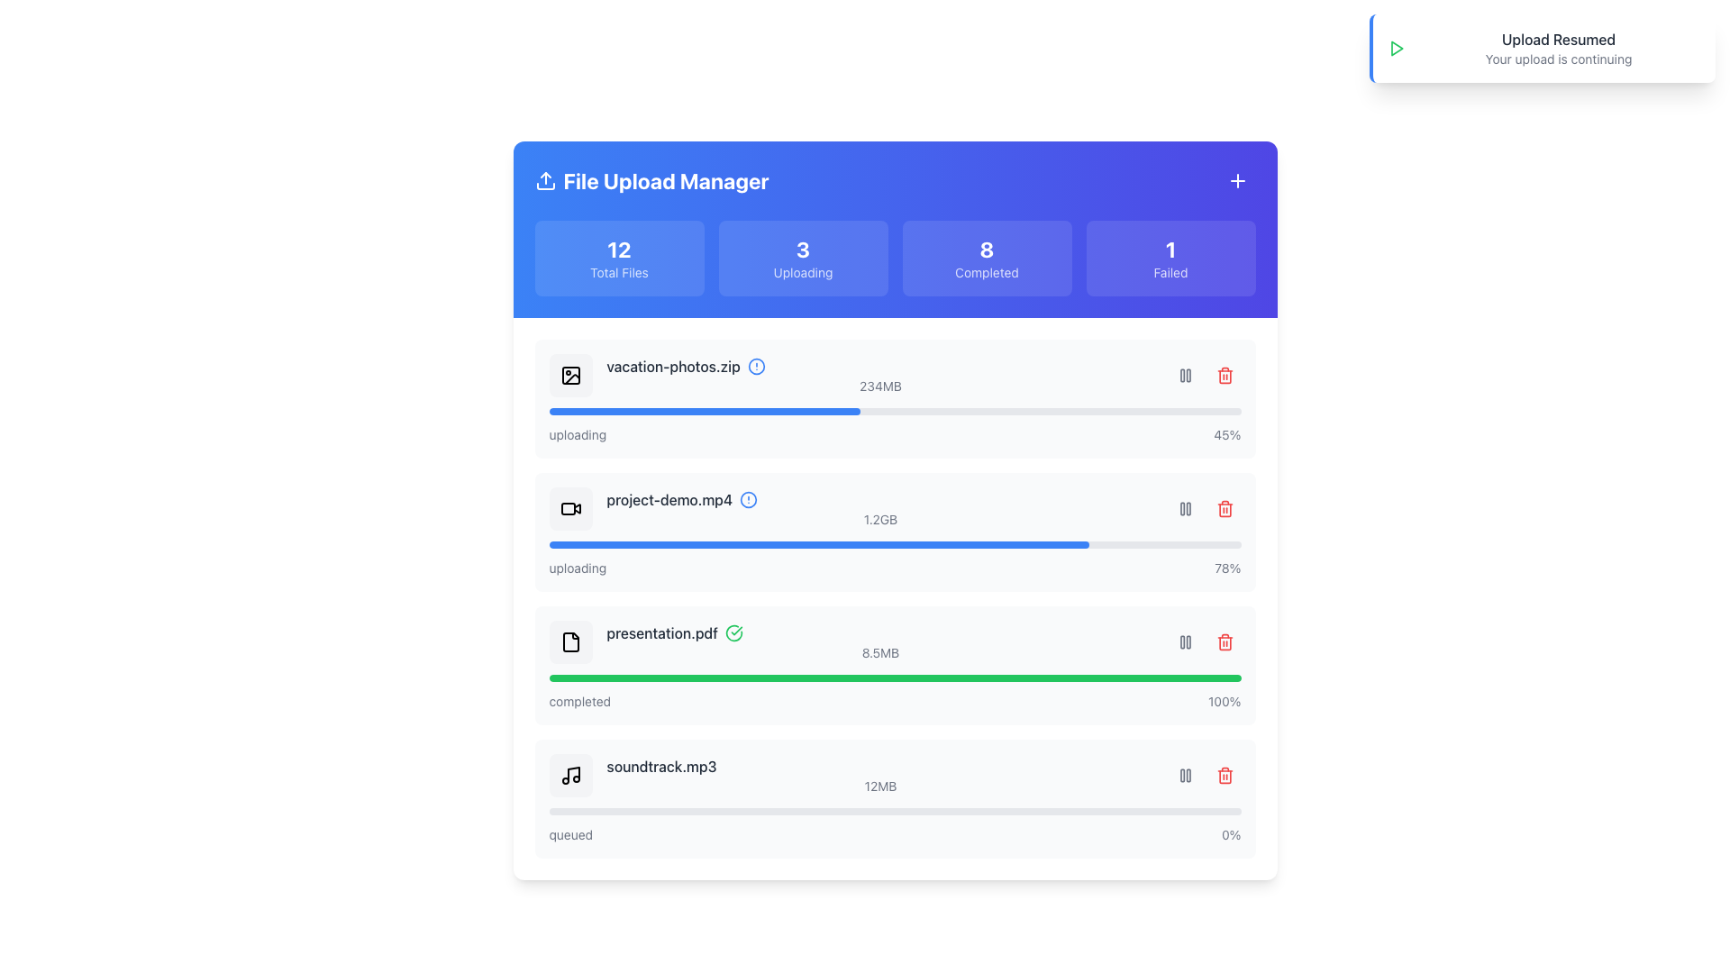 The height and width of the screenshot is (973, 1730). Describe the element at coordinates (1185, 641) in the screenshot. I see `the 'Pause' button located next to the green progress bar for 'presentation.pdf' in the 'File Upload Manager' section` at that location.